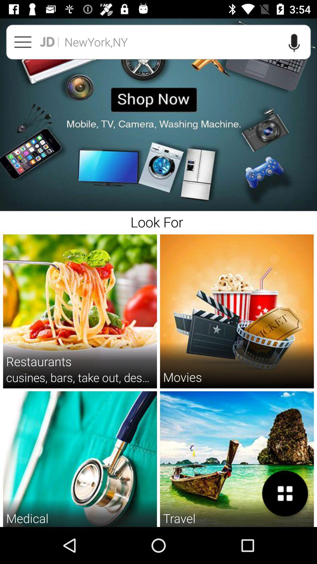 The width and height of the screenshot is (317, 564). Describe the element at coordinates (285, 493) in the screenshot. I see `the dashboard icon` at that location.